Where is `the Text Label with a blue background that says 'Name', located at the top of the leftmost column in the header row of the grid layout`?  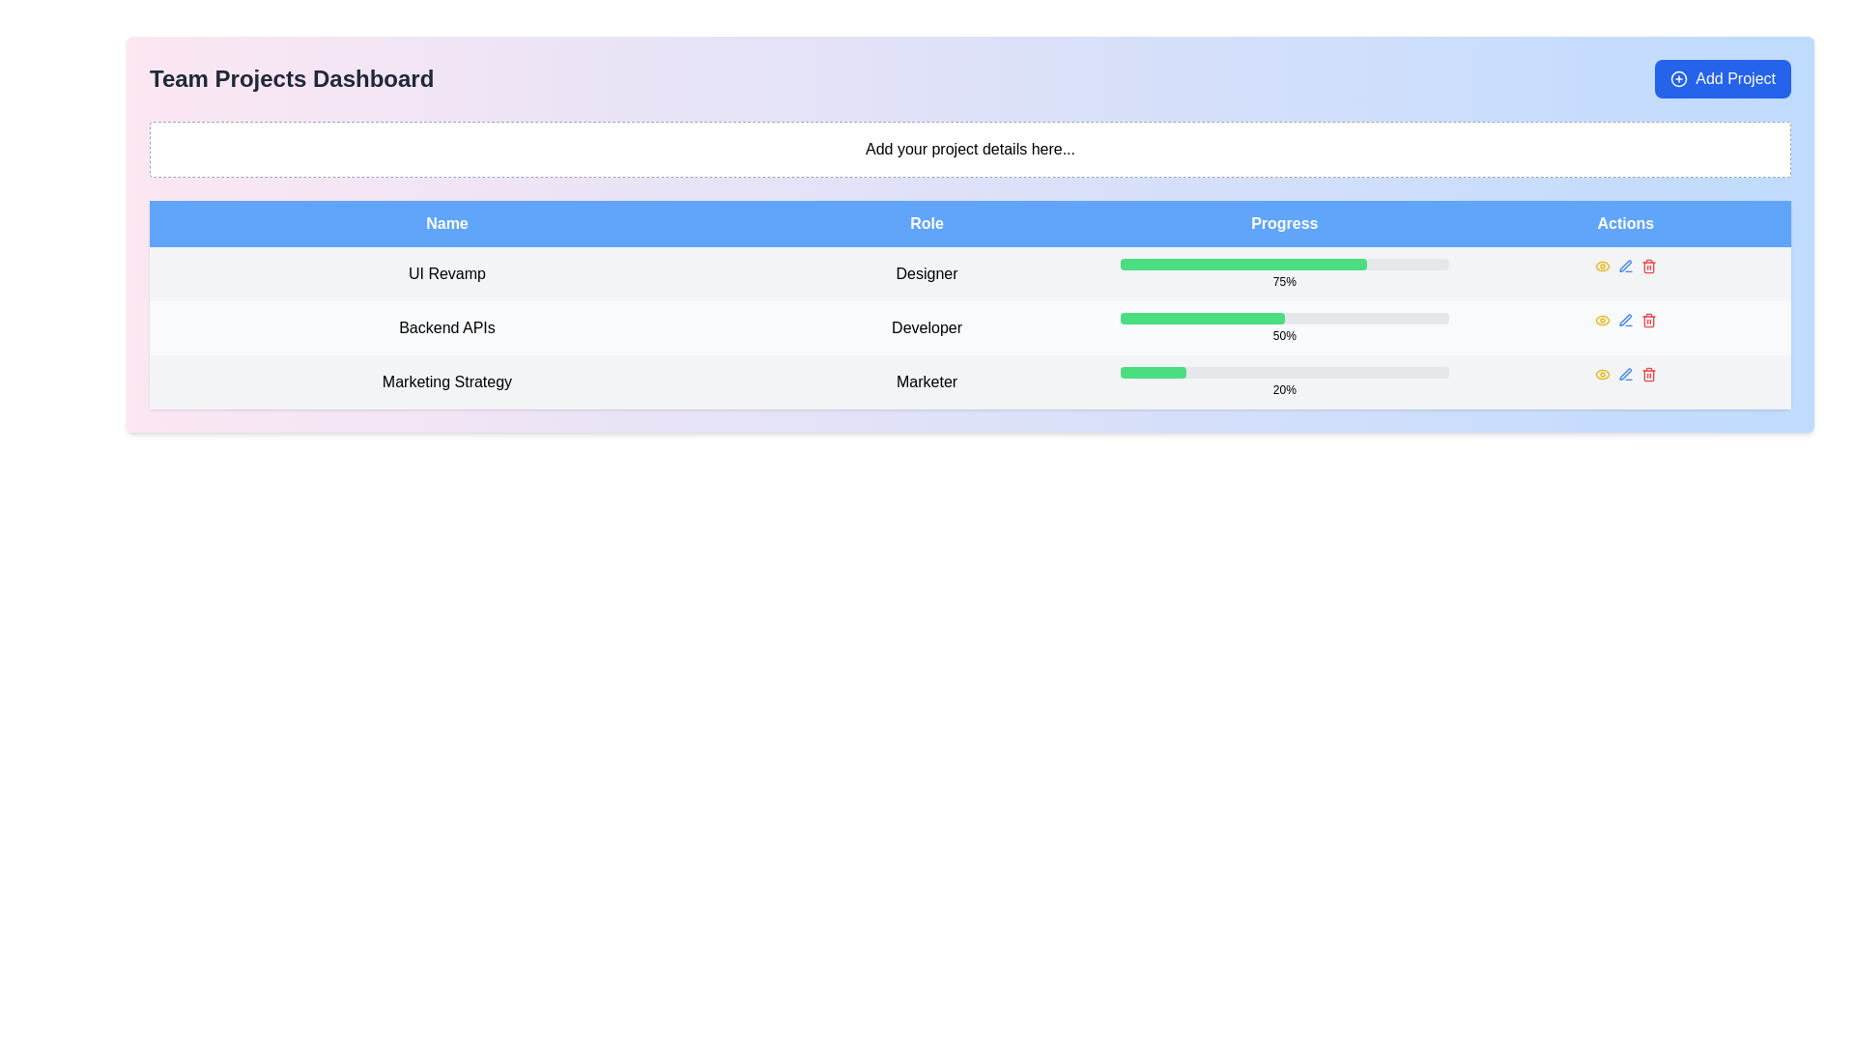
the Text Label with a blue background that says 'Name', located at the top of the leftmost column in the header row of the grid layout is located at coordinates (445, 222).